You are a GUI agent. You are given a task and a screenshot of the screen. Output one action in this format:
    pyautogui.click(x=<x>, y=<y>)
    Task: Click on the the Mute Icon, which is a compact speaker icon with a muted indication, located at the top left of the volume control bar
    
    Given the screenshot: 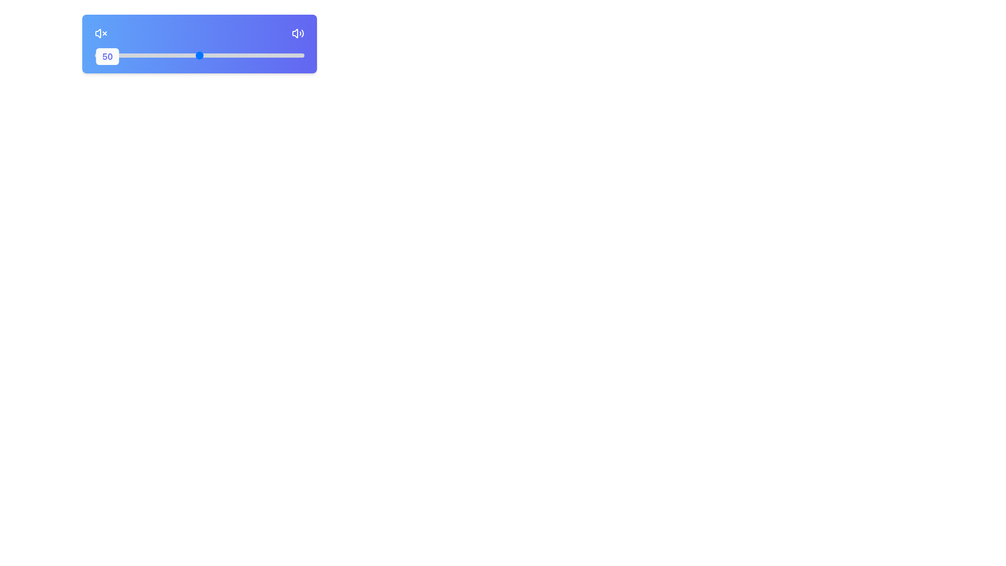 What is the action you would take?
    pyautogui.click(x=98, y=33)
    